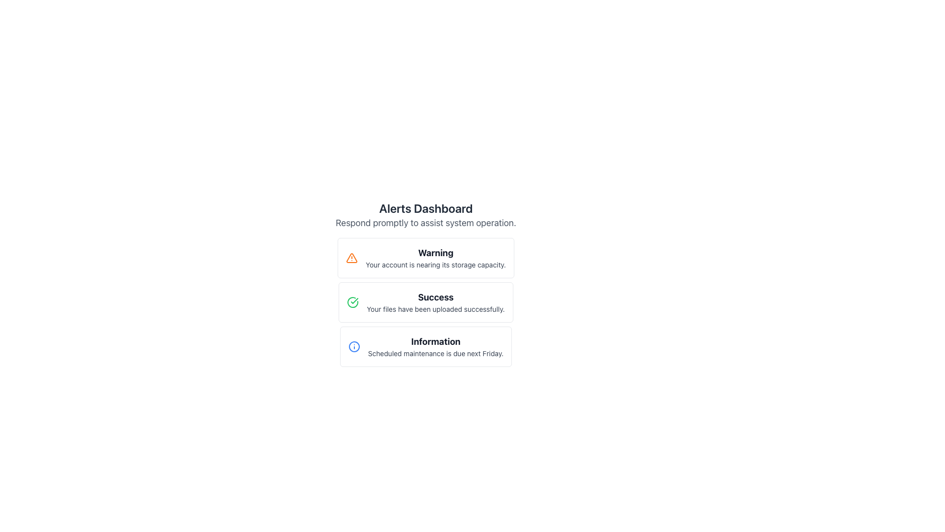 Image resolution: width=945 pixels, height=532 pixels. What do you see at coordinates (435, 258) in the screenshot?
I see `warning message displayed in the first alert box indicating the account is nearing its storage capacity` at bounding box center [435, 258].